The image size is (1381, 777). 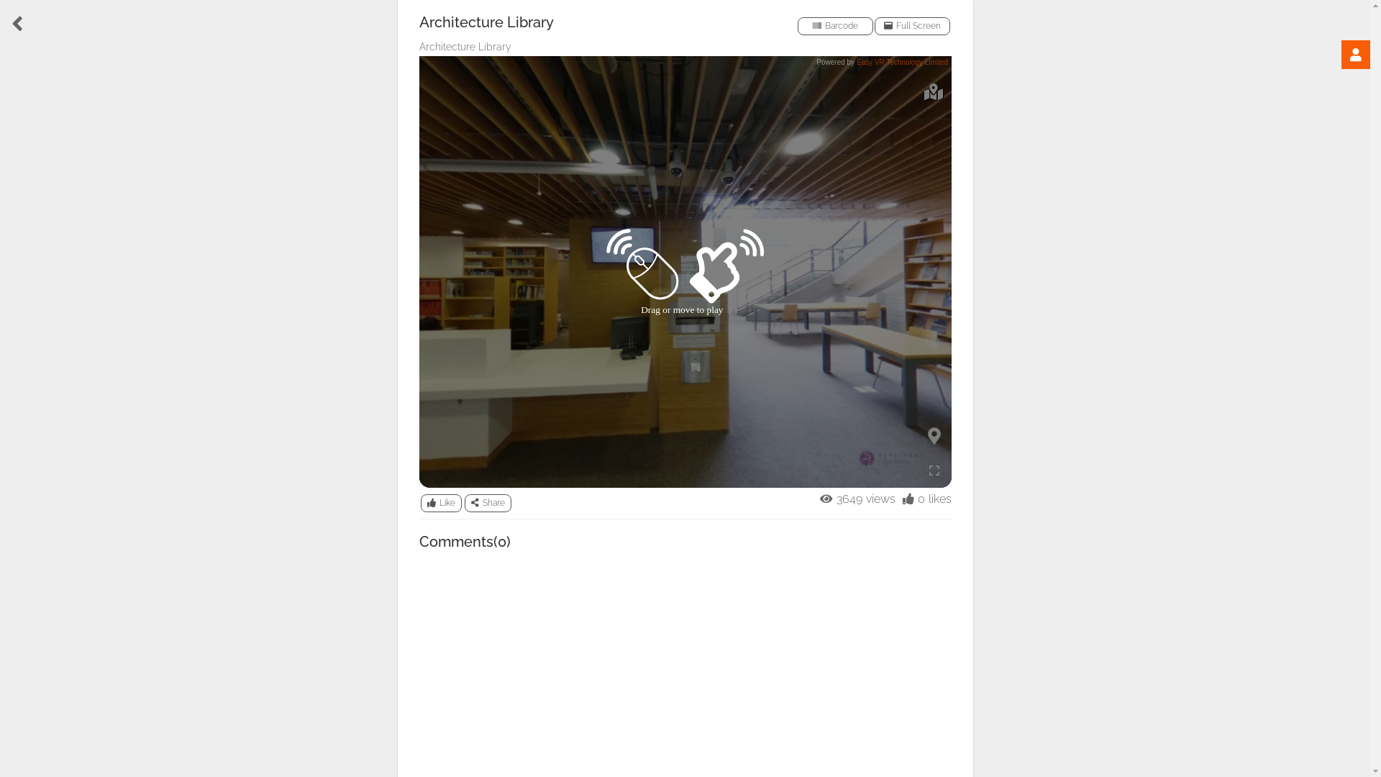 What do you see at coordinates (34, 426) in the screenshot?
I see `'TRAVEL'` at bounding box center [34, 426].